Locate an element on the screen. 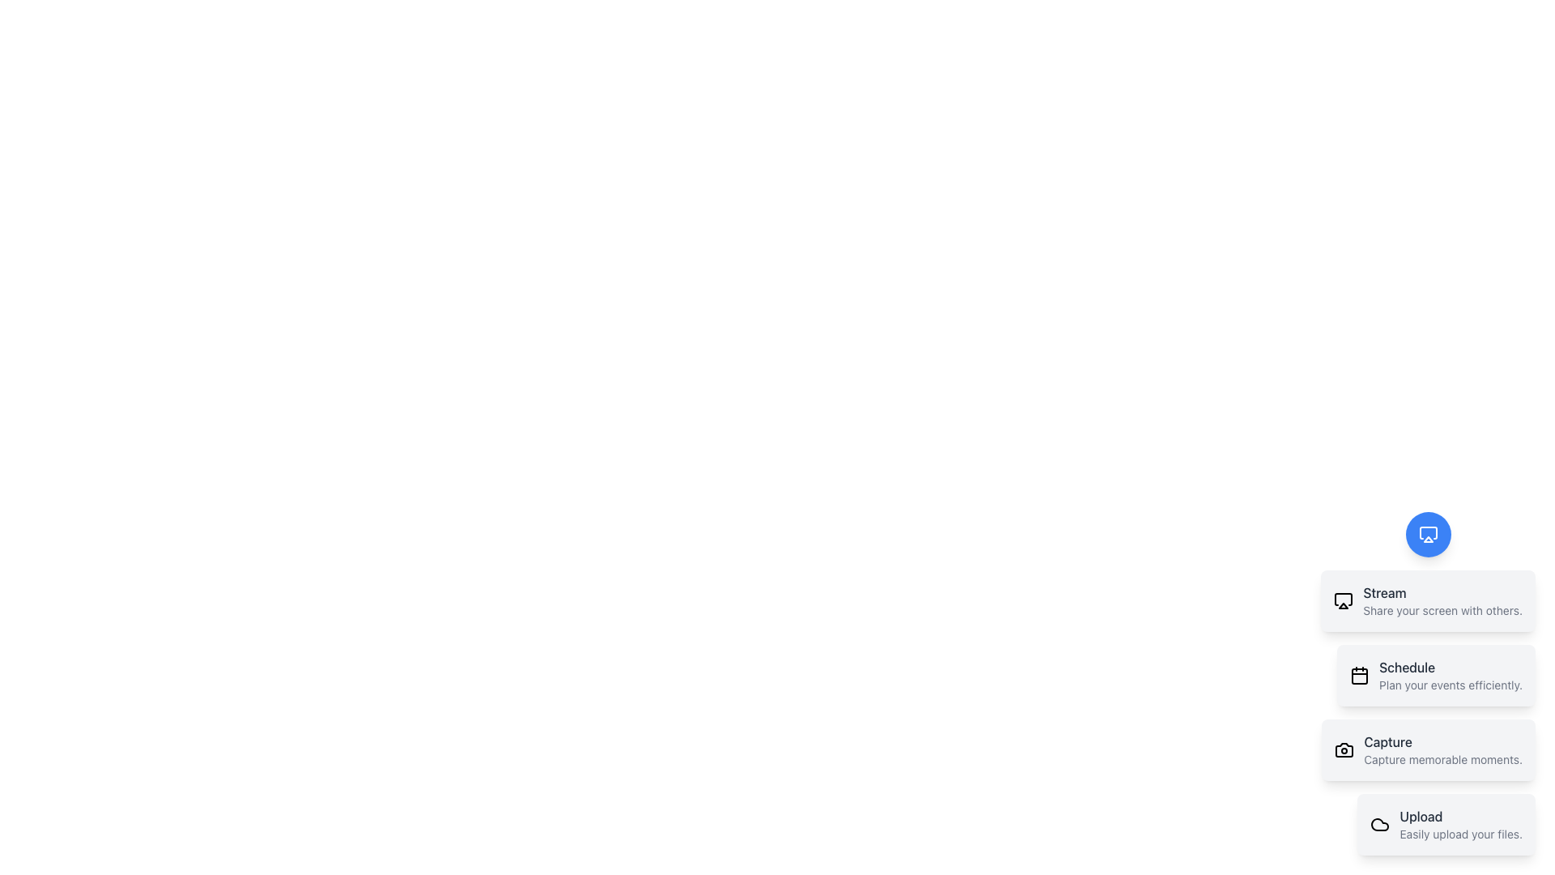 This screenshot has height=875, width=1555. the 'Upload' text label which serves as a title or heading for the upload option in the menu is located at coordinates (1461, 816).